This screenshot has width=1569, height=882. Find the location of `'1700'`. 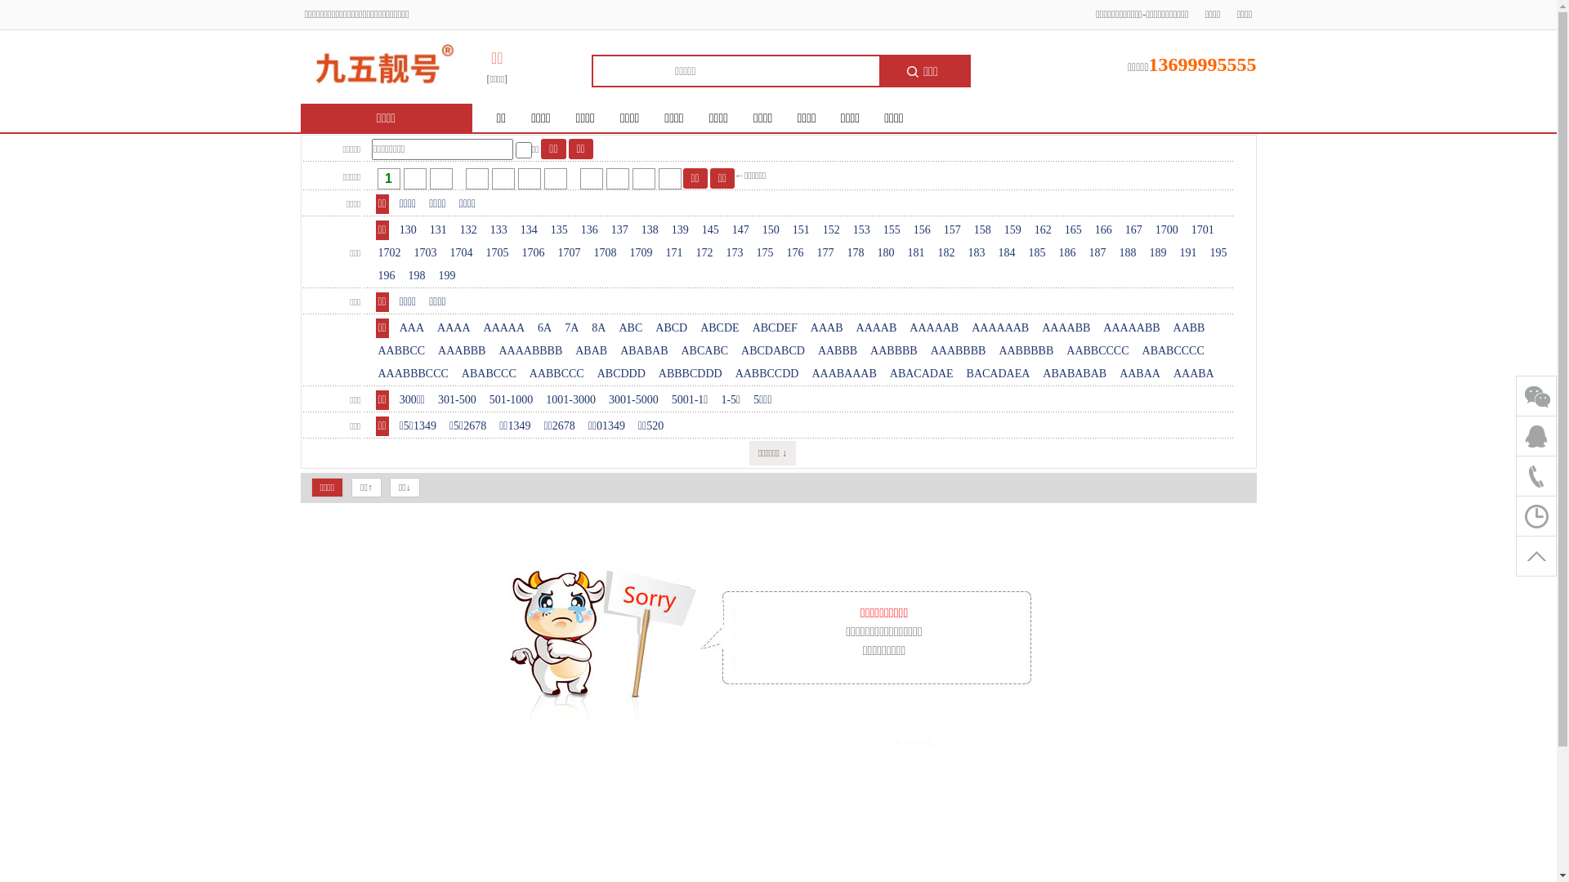

'1700' is located at coordinates (1165, 229).